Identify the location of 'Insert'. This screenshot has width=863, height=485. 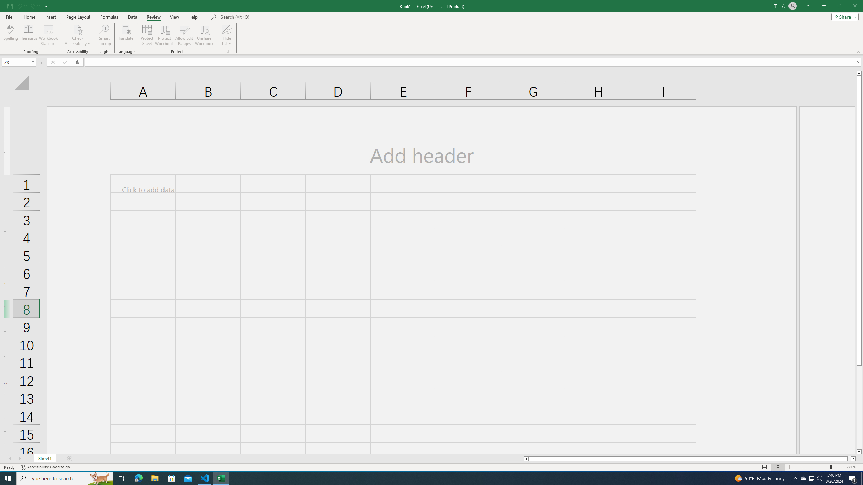
(51, 17).